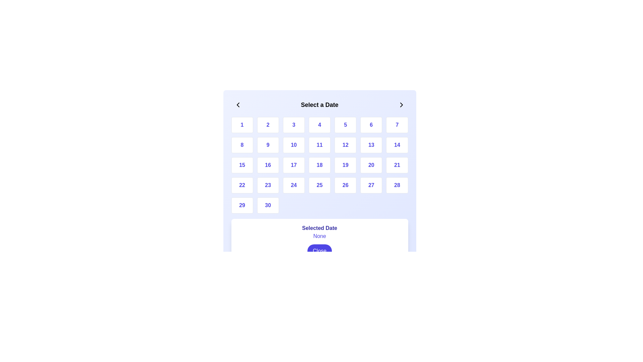  What do you see at coordinates (294, 144) in the screenshot?
I see `the rectangular button with rounded corners and the indigo text '10'` at bounding box center [294, 144].